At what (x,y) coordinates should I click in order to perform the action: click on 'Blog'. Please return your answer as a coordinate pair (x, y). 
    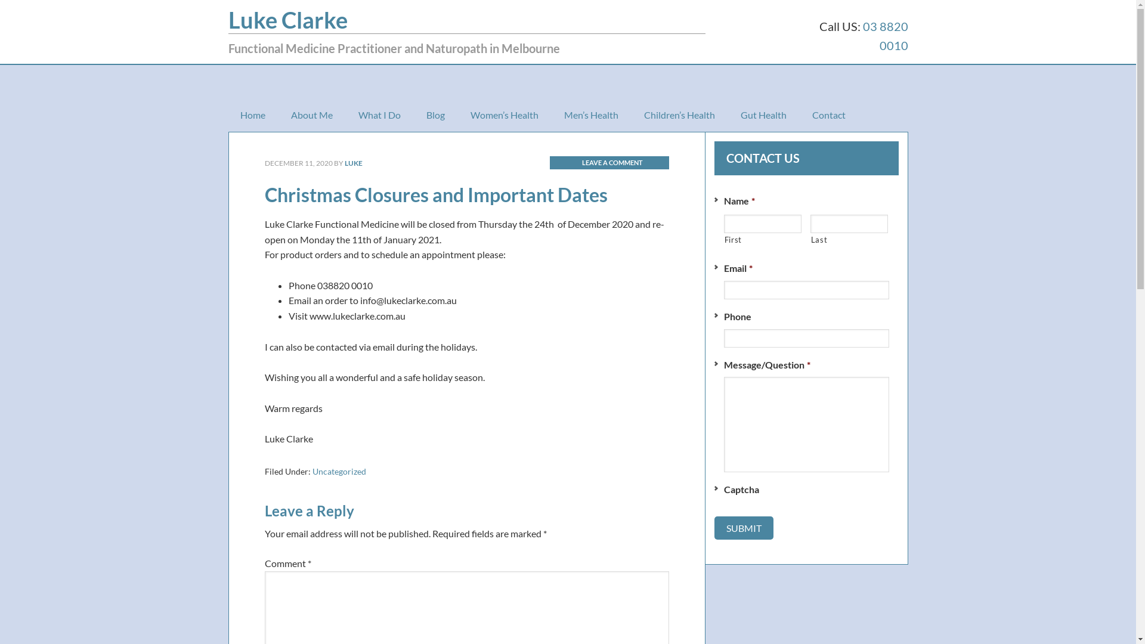
    Looking at the image, I should click on (434, 114).